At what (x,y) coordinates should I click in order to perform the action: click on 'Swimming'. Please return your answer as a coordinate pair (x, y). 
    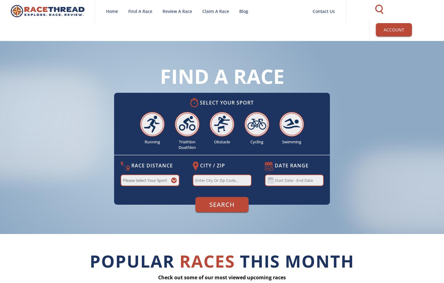
    Looking at the image, I should click on (291, 142).